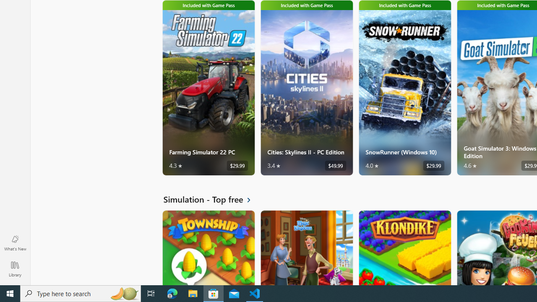  I want to click on 'See all  Simulation - Top free', so click(212, 199).